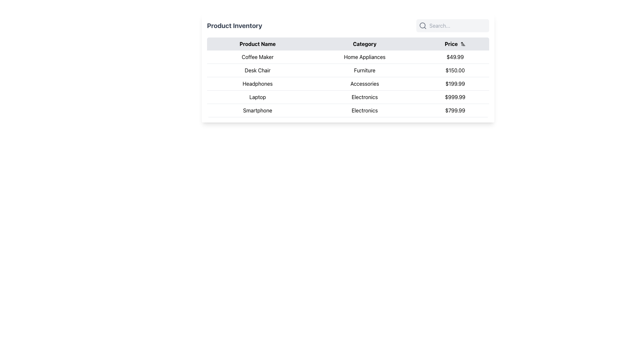 The height and width of the screenshot is (352, 627). I want to click on the first product name text label in the inventory table, located in the fifth row under the 'Product Name' header, so click(257, 110).